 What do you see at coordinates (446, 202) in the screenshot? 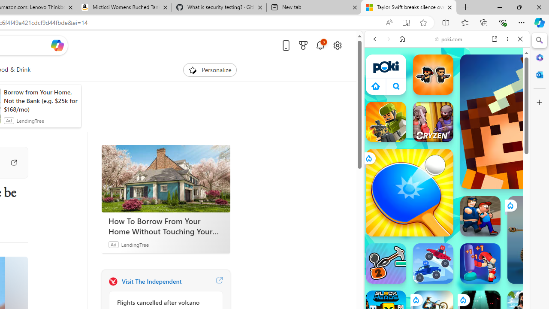
I see `'Car Games'` at bounding box center [446, 202].